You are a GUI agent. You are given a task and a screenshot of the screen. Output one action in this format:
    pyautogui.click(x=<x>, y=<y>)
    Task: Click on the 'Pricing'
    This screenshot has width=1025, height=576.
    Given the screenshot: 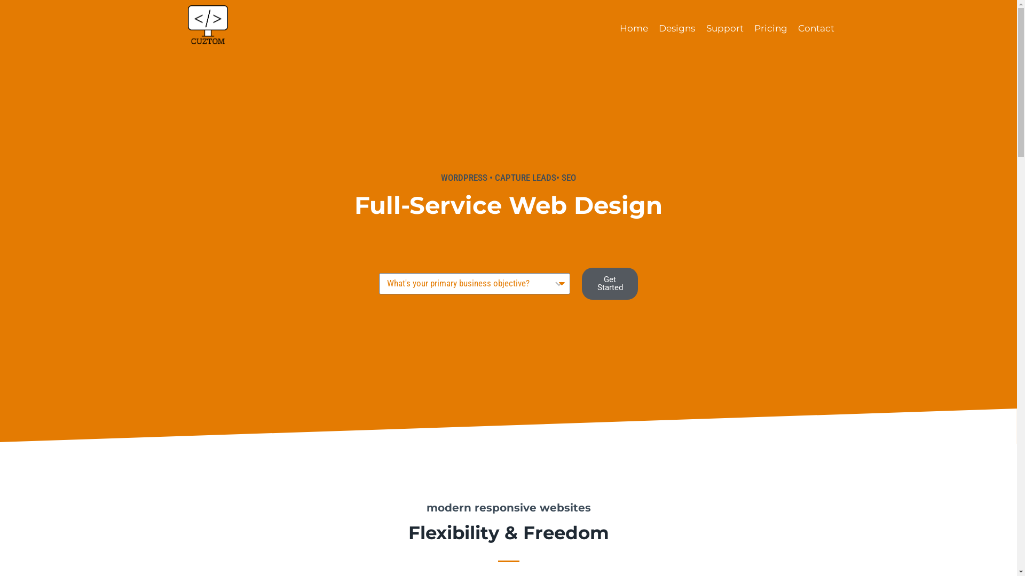 What is the action you would take?
    pyautogui.click(x=771, y=28)
    